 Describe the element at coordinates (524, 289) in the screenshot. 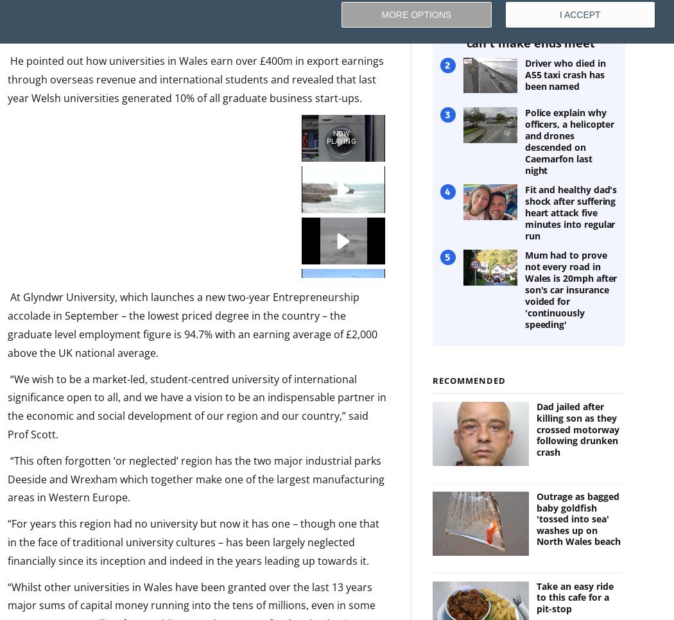

I see `'Mum had to prove not every road in Wales is 20mph after son's car insurance voided for 'continuously speeding''` at that location.